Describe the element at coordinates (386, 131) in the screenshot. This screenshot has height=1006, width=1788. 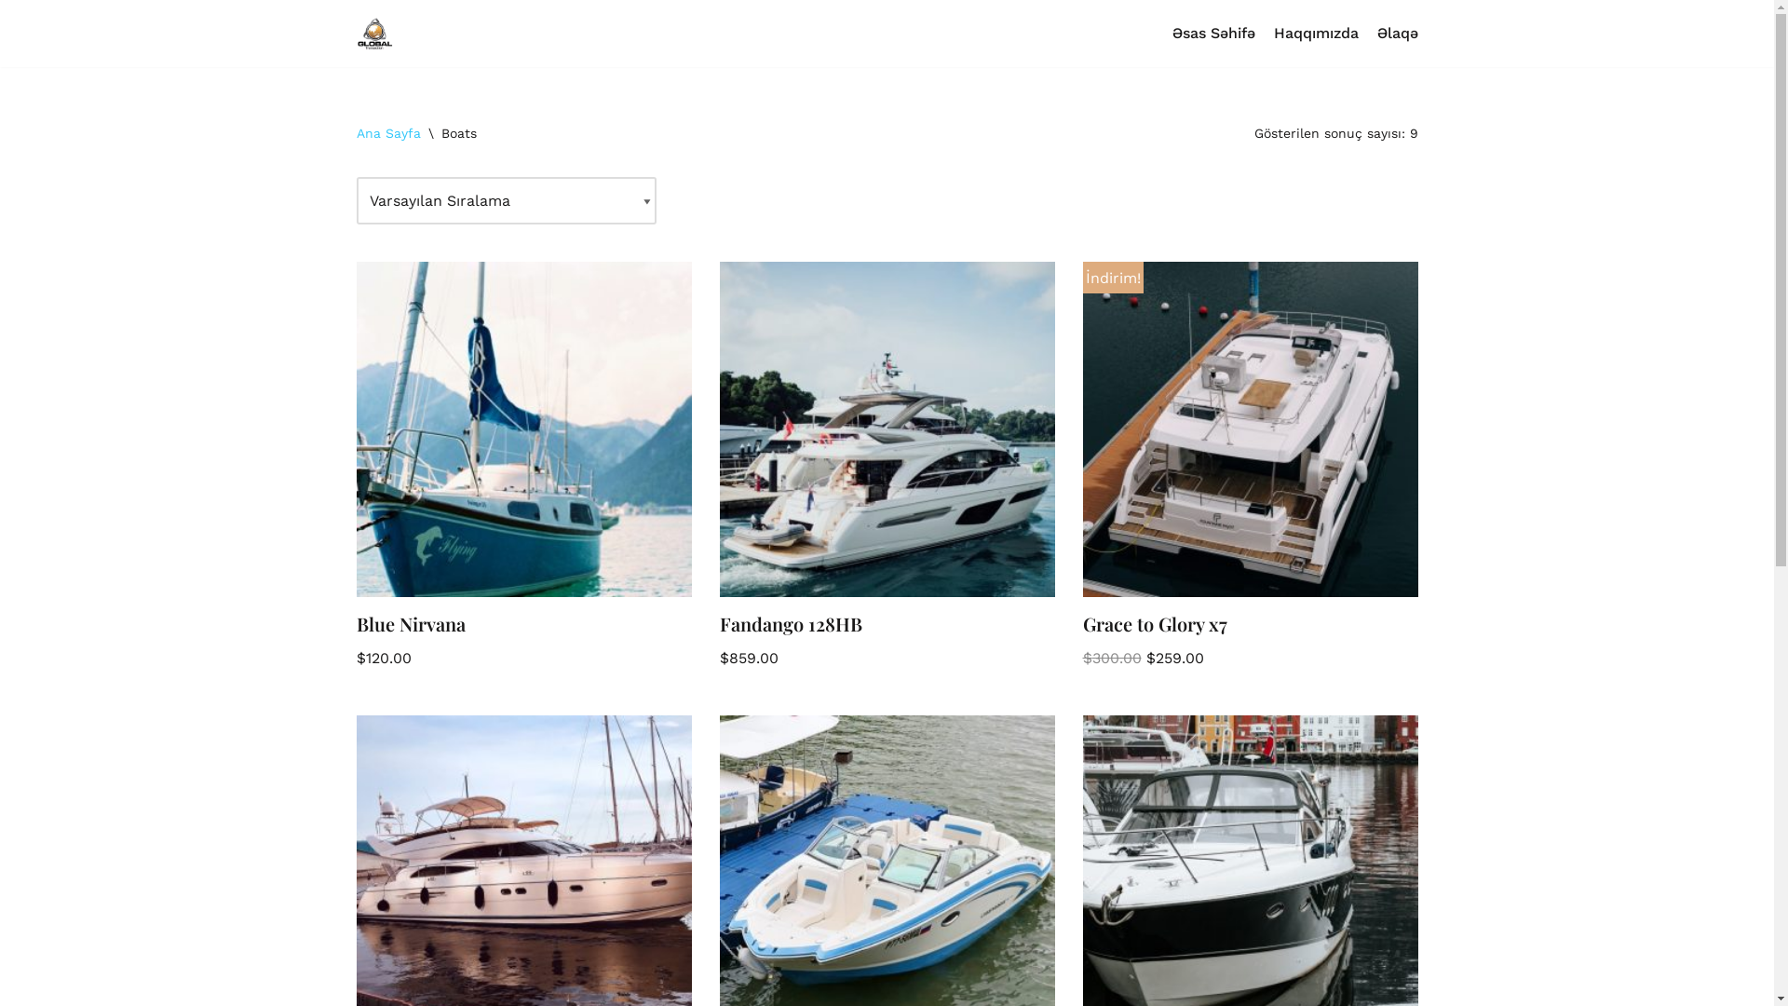
I see `'Ana Sayfa'` at that location.